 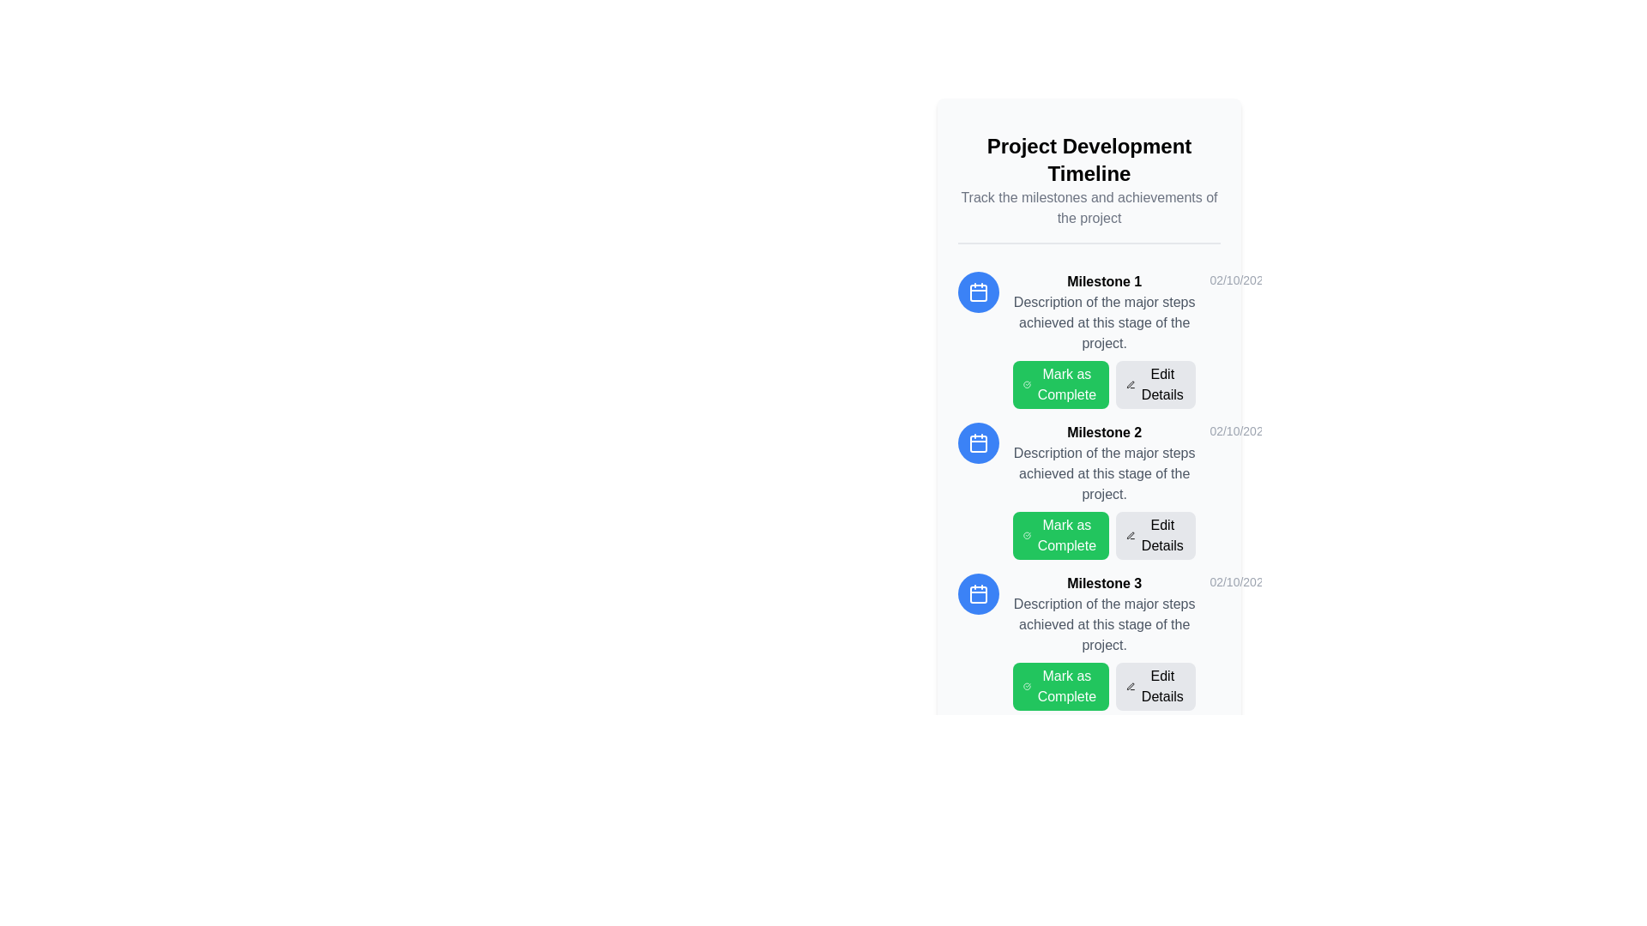 What do you see at coordinates (1156, 383) in the screenshot?
I see `the edit button located to the right of the 'Mark as Complete' button to invoke the editing functionality for the milestone details in the project timeline` at bounding box center [1156, 383].